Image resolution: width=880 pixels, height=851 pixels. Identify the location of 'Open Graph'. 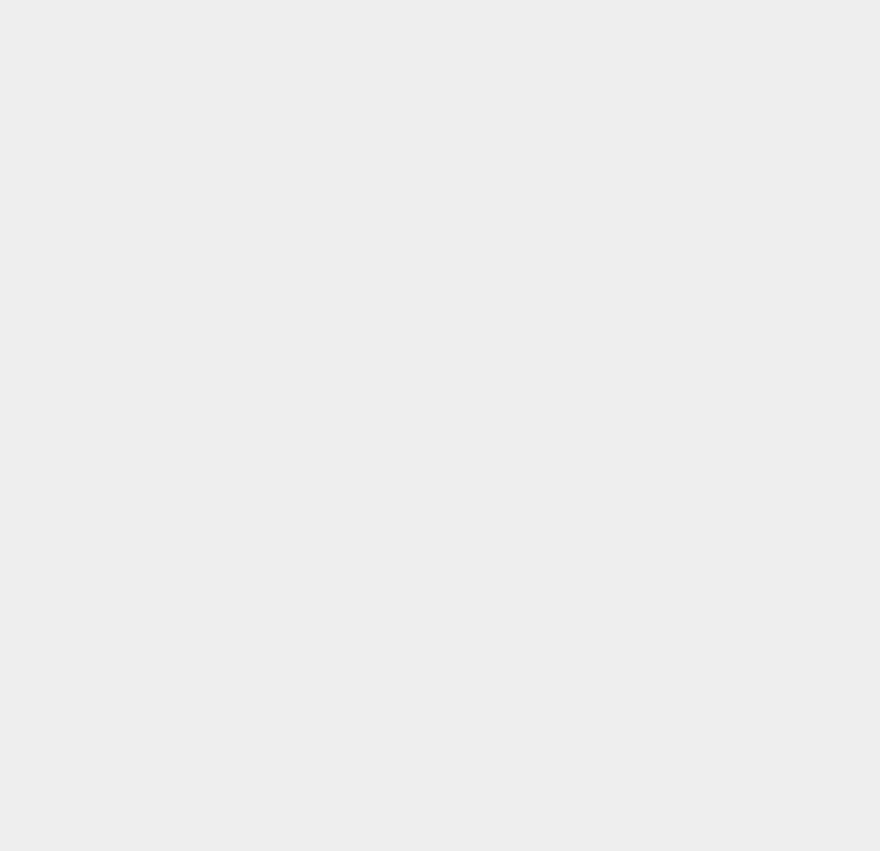
(652, 716).